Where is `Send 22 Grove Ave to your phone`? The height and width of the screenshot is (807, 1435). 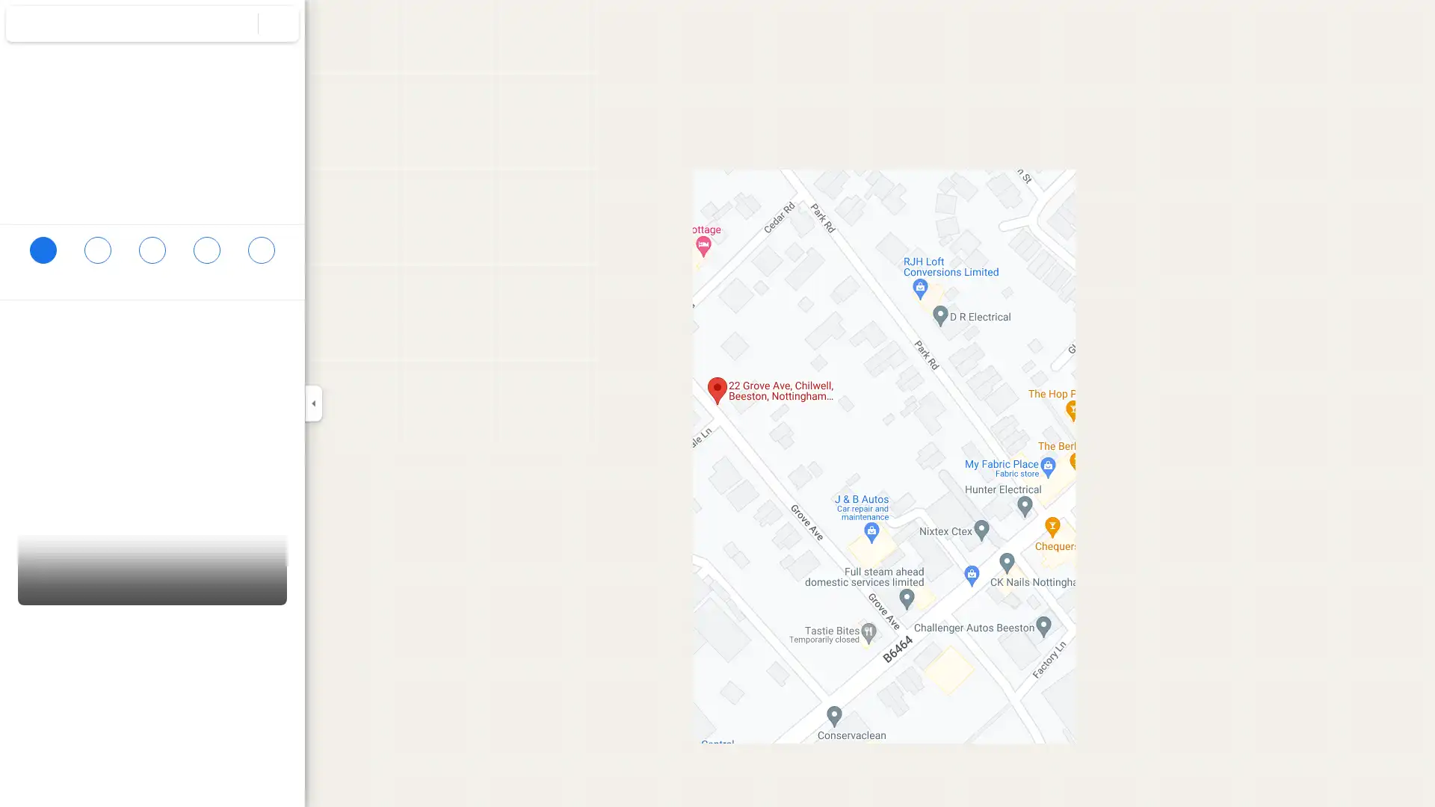
Send 22 Grove Ave to your phone is located at coordinates (206, 262).